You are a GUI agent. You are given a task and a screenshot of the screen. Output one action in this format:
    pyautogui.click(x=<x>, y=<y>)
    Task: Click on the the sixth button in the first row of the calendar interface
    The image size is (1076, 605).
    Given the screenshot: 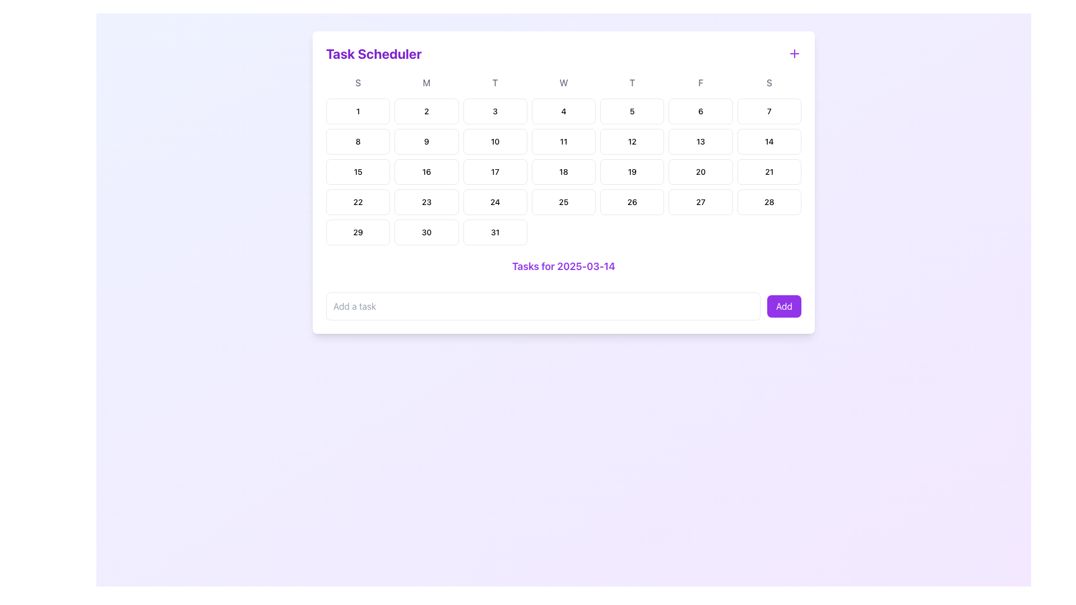 What is the action you would take?
    pyautogui.click(x=700, y=111)
    